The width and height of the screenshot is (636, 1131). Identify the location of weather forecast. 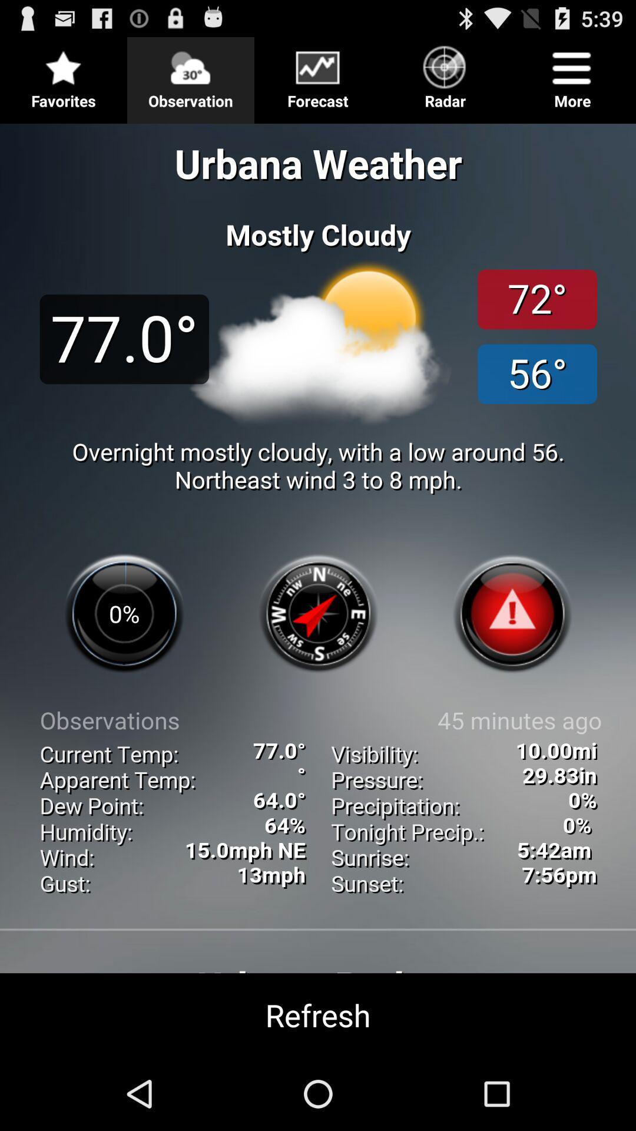
(318, 586).